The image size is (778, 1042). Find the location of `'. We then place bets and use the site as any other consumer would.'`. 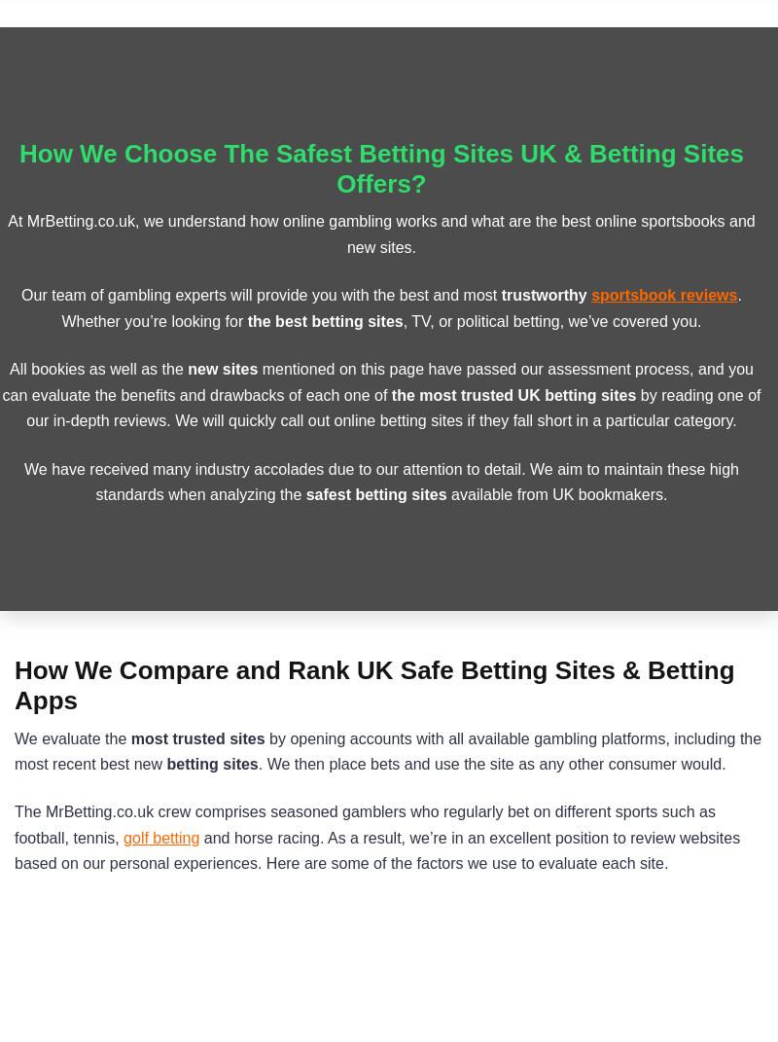

'. We then place bets and use the site as any other consumer would.' is located at coordinates (490, 762).